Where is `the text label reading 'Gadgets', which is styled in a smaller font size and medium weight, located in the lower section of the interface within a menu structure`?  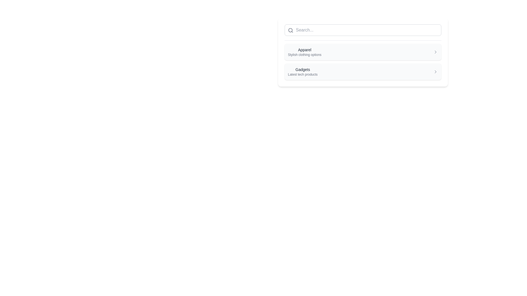
the text label reading 'Gadgets', which is styled in a smaller font size and medium weight, located in the lower section of the interface within a menu structure is located at coordinates (302, 69).